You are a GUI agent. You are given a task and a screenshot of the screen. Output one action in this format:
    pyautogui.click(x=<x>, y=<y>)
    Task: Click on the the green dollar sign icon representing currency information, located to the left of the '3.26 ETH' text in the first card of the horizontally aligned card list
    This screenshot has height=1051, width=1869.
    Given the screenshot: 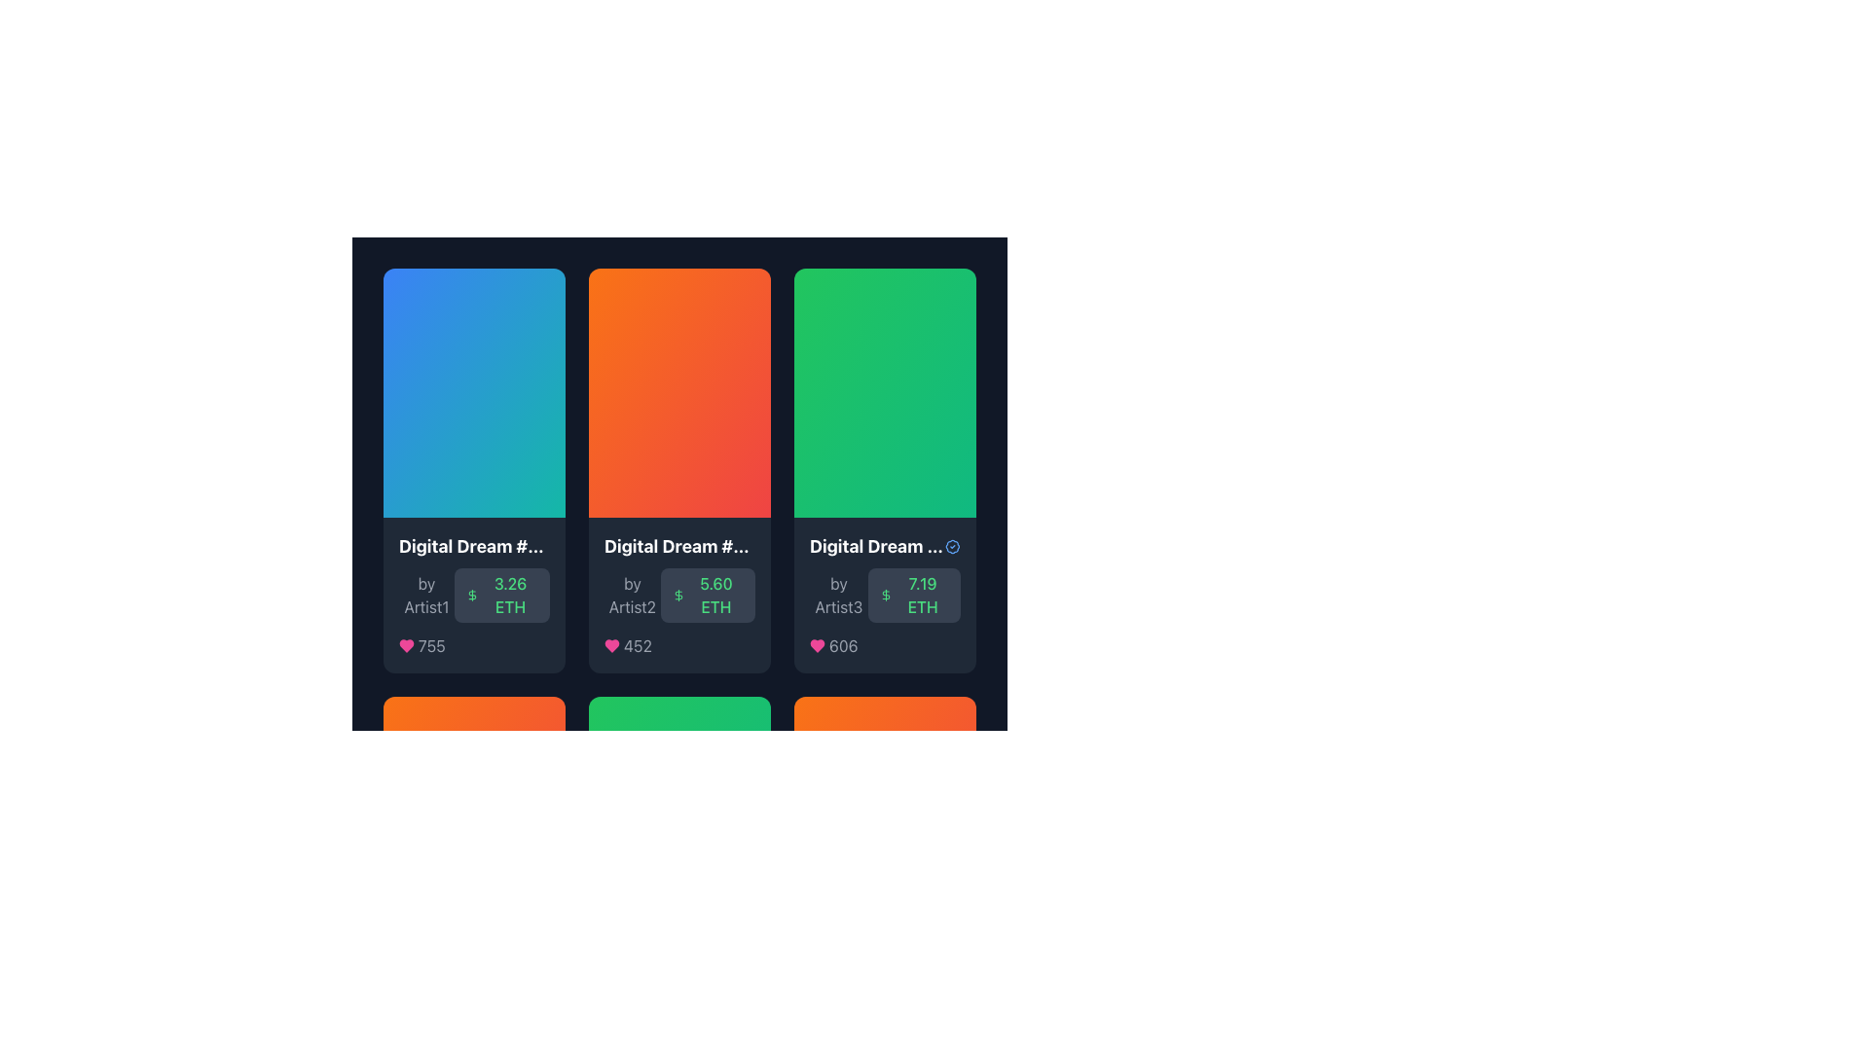 What is the action you would take?
    pyautogui.click(x=472, y=595)
    